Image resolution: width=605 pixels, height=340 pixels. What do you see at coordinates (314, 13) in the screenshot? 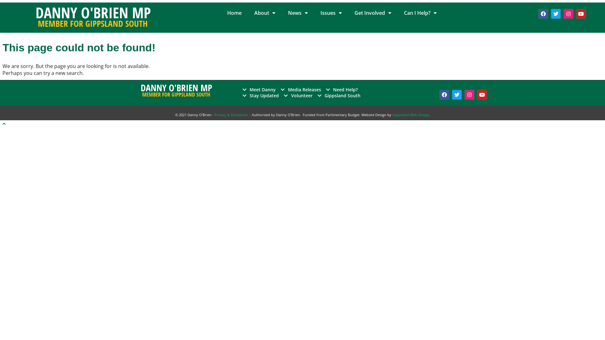
I see `'Issues'` at bounding box center [314, 13].